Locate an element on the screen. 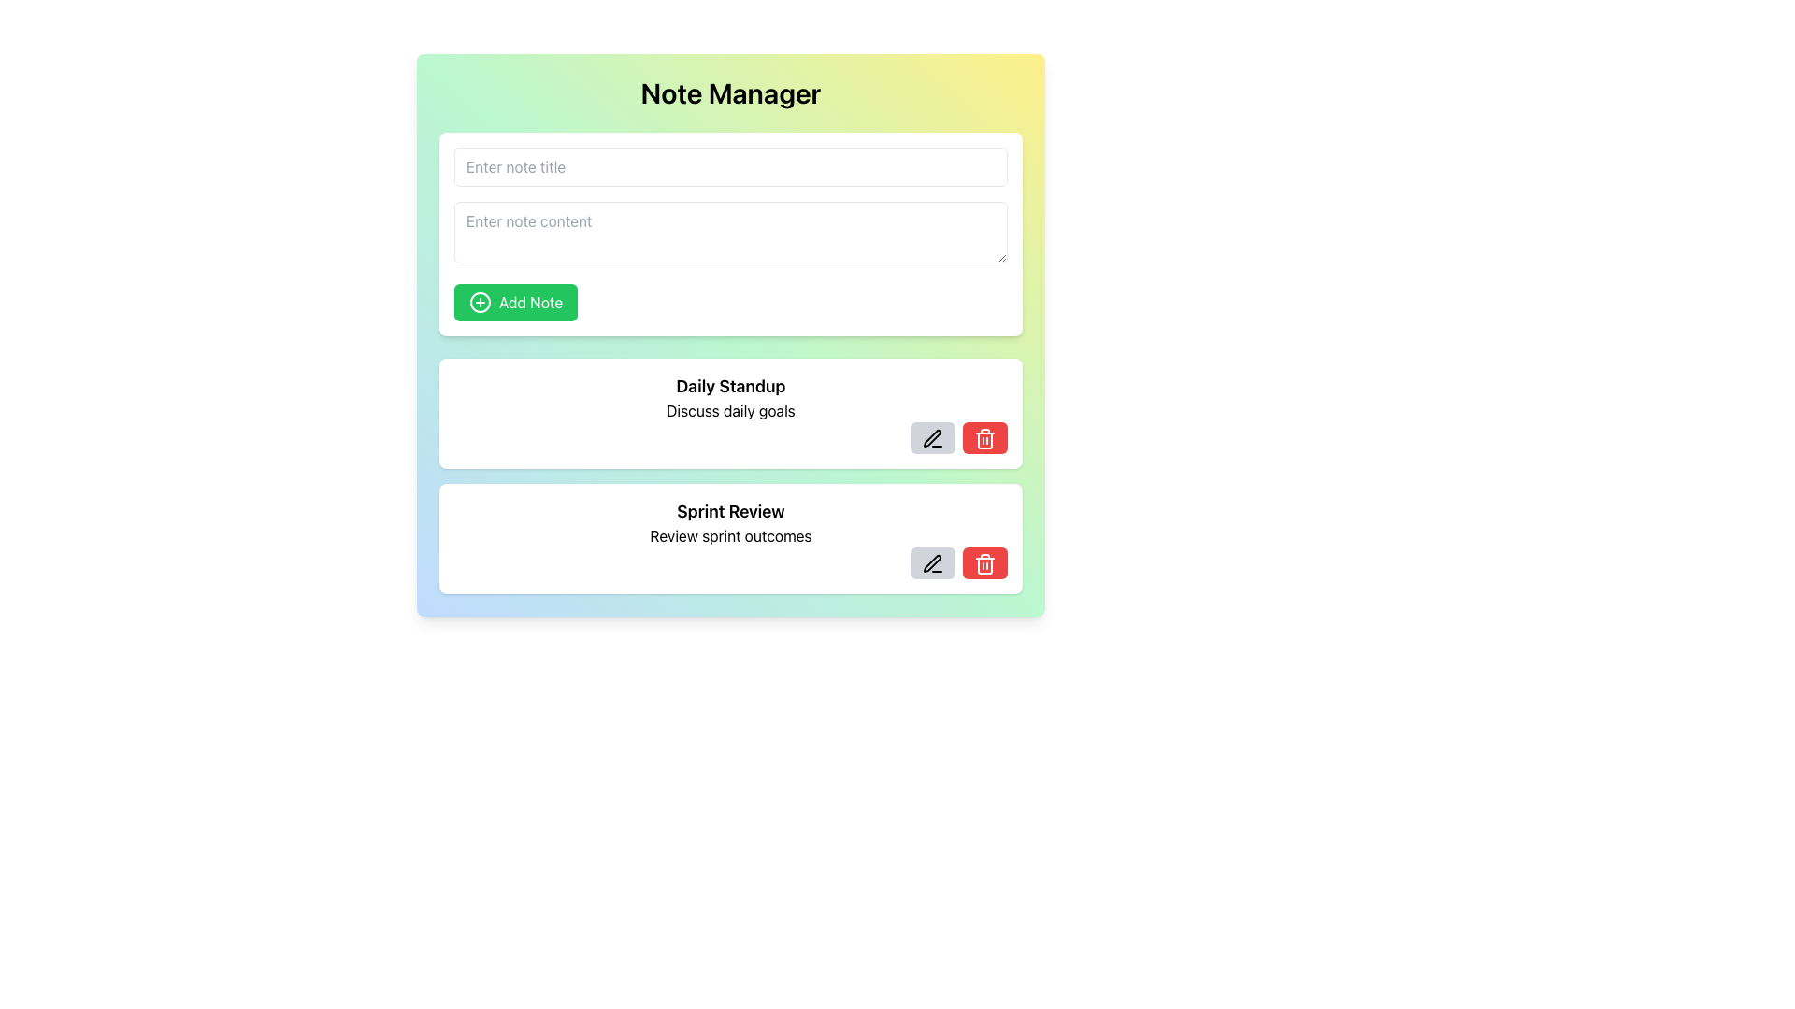  the delete icon button located in the lower-right corner of the second list item is located at coordinates (984, 561).